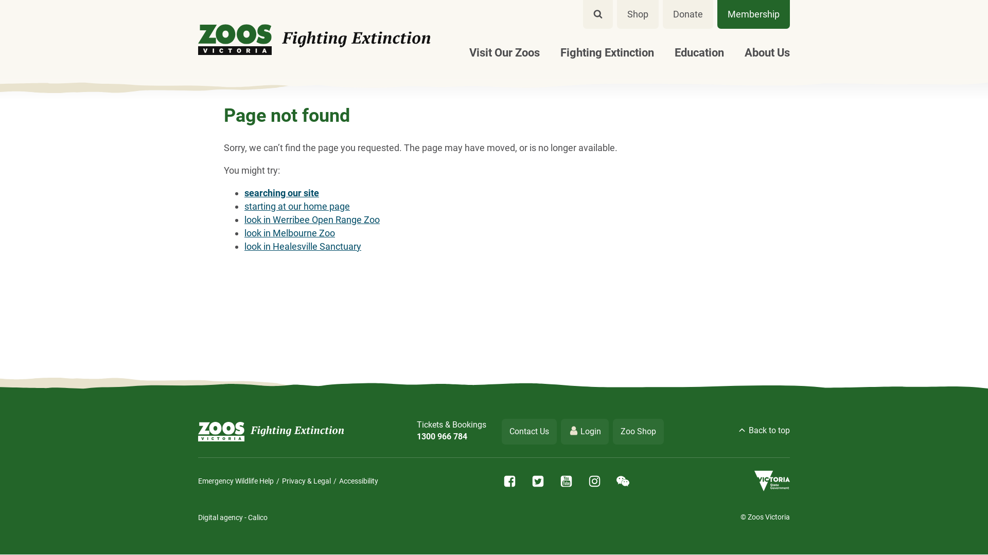 The width and height of the screenshot is (988, 555). I want to click on 'starting at our home page', so click(296, 206).